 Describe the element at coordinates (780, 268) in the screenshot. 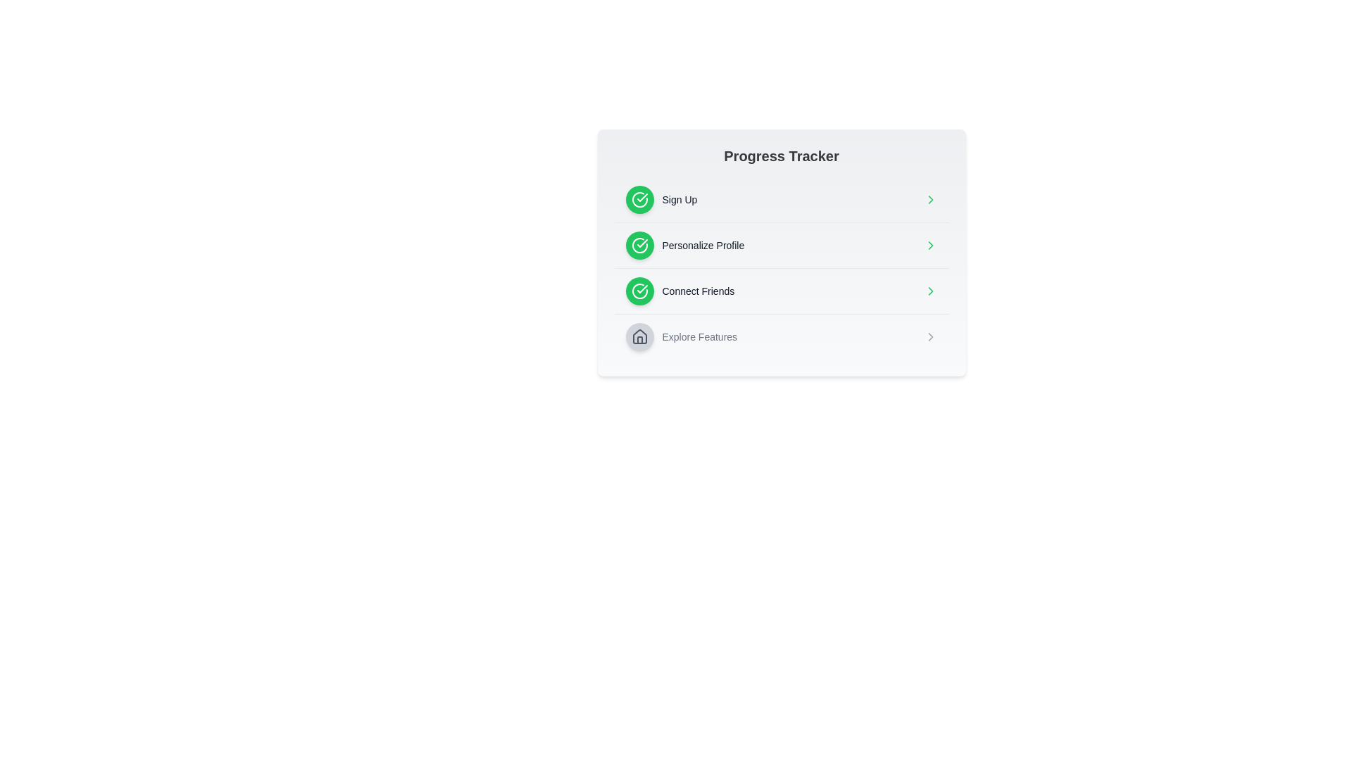

I see `the 'Personalize Profile' step in the progress tracker to interact with it` at that location.